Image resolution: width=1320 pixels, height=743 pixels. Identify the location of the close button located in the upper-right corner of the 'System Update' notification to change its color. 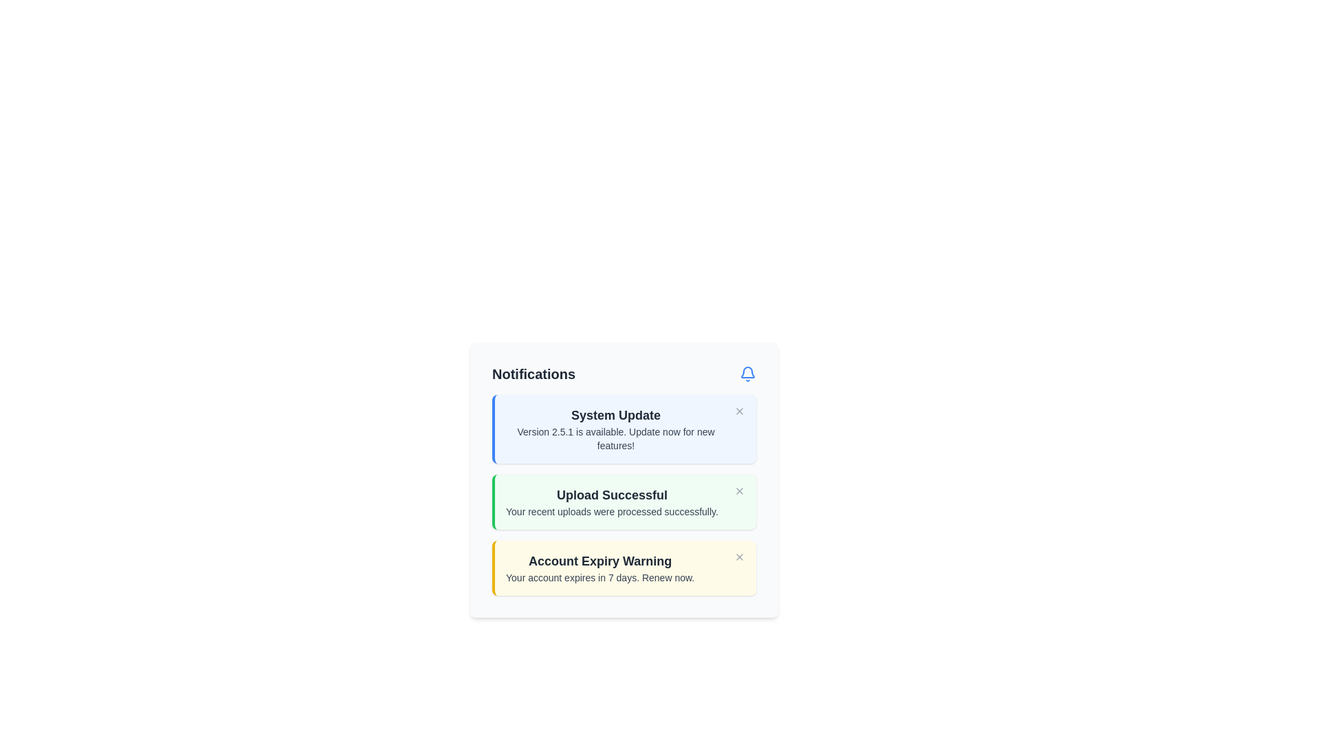
(738, 410).